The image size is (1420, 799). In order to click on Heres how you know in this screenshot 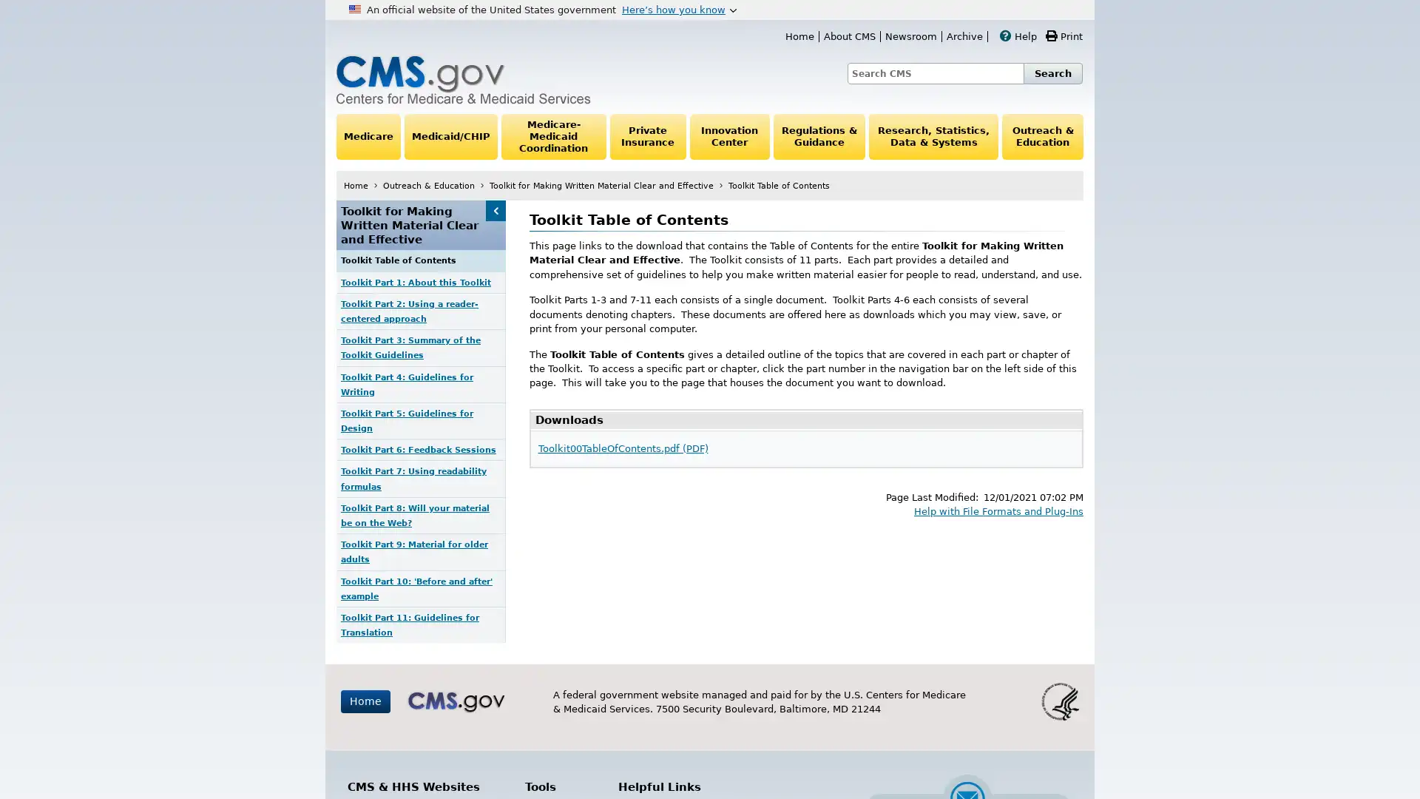, I will do `click(678, 9)`.